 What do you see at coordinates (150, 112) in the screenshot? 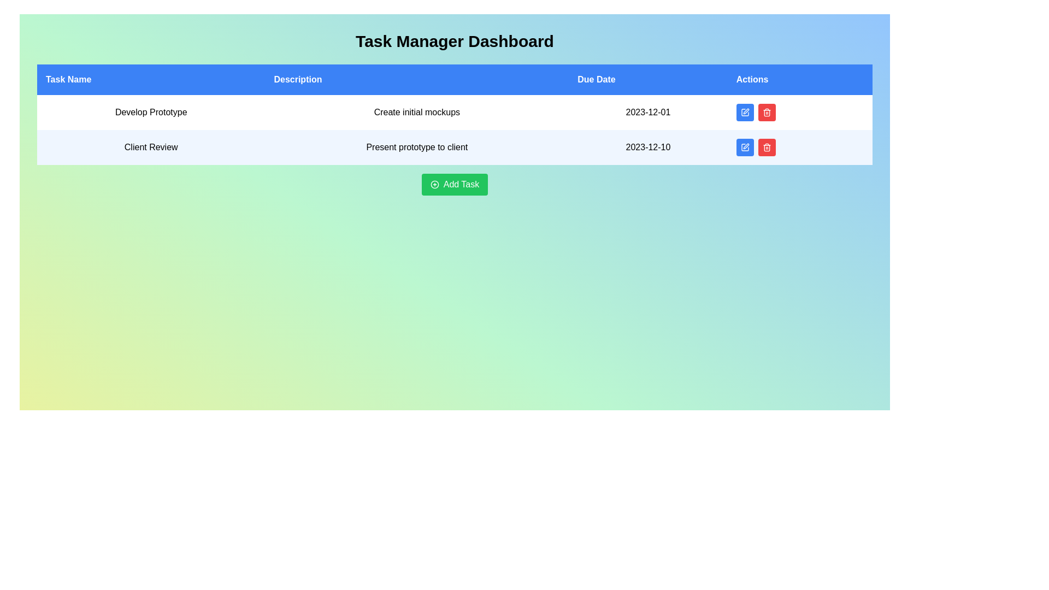
I see `the table cell content that serves as a label or descriptor for the task, located in the first row and first column of the table, above 'Client Review' and to the left of 'Create initial mockups'` at bounding box center [150, 112].